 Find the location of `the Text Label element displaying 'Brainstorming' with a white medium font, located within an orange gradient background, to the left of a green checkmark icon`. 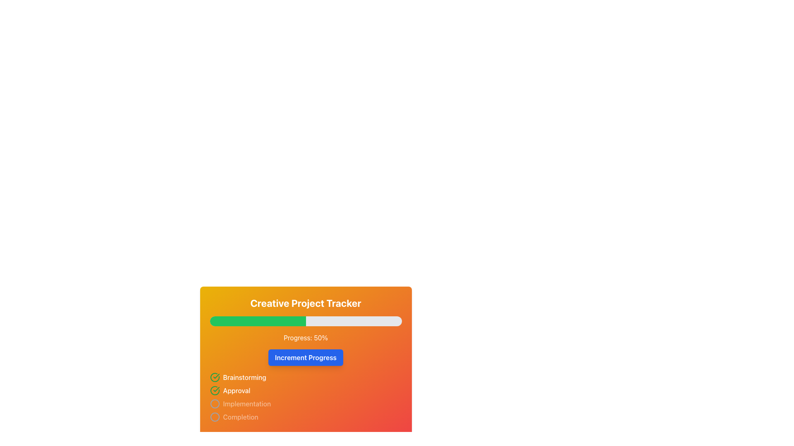

the Text Label element displaying 'Brainstorming' with a white medium font, located within an orange gradient background, to the left of a green checkmark icon is located at coordinates (244, 377).